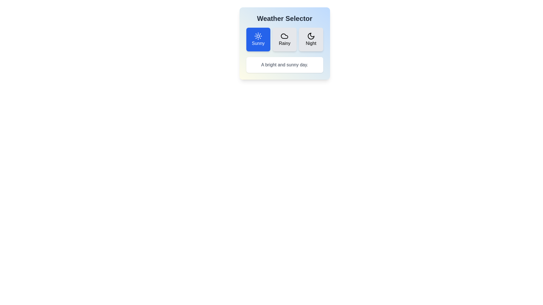 The height and width of the screenshot is (305, 543). What do you see at coordinates (285, 39) in the screenshot?
I see `the weather option Rainy by clicking its corresponding button` at bounding box center [285, 39].